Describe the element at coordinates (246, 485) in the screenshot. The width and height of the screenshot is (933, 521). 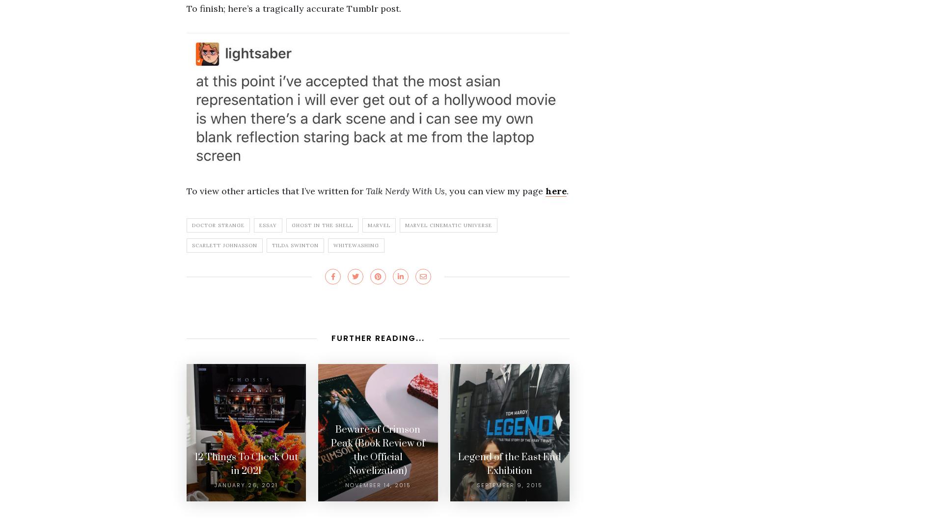
I see `'January 26, 2021'` at that location.